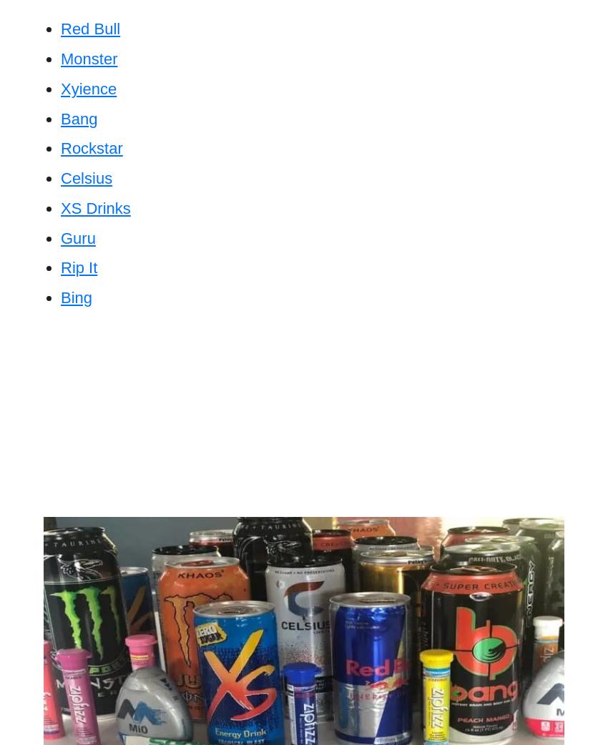 Image resolution: width=608 pixels, height=745 pixels. I want to click on 'Bing', so click(76, 297).